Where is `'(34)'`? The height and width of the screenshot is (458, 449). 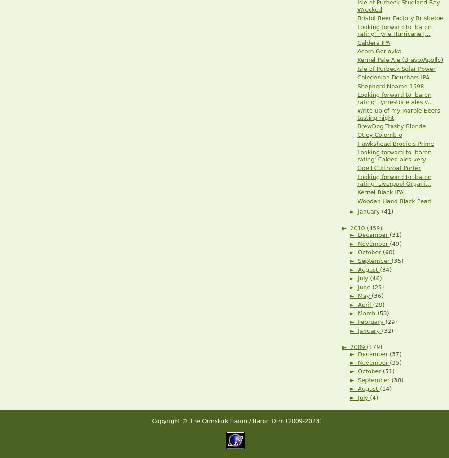
'(34)' is located at coordinates (385, 269).